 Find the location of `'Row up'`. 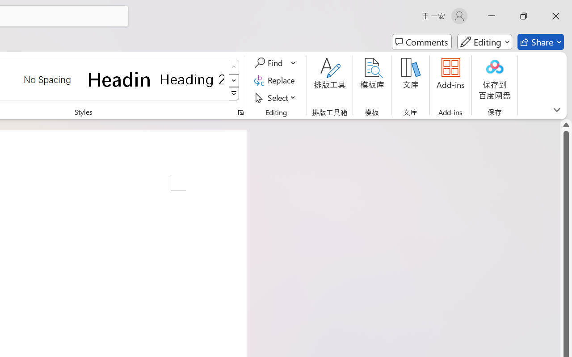

'Row up' is located at coordinates (234, 67).